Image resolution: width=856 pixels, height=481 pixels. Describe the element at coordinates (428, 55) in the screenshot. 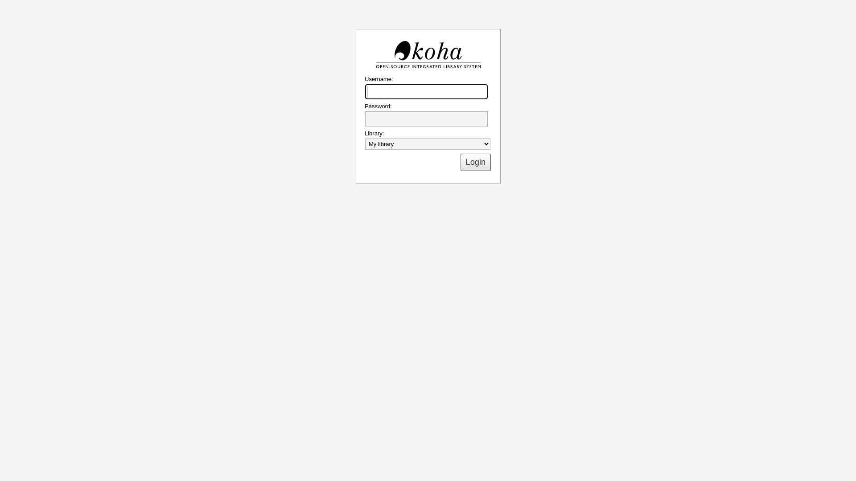

I see `'Koha'` at that location.